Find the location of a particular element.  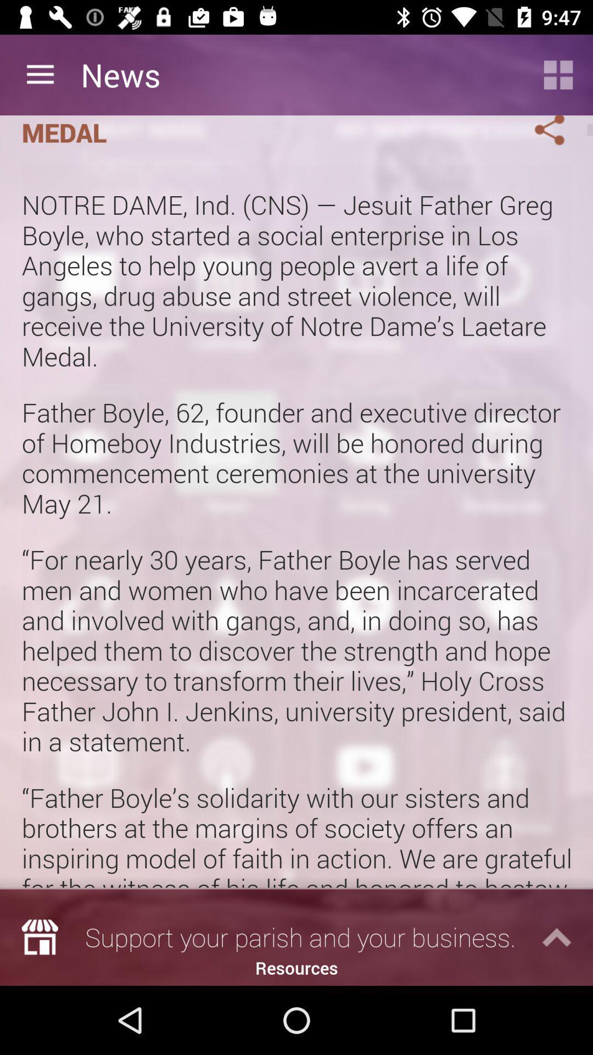

the item next to news is located at coordinates (40, 74).